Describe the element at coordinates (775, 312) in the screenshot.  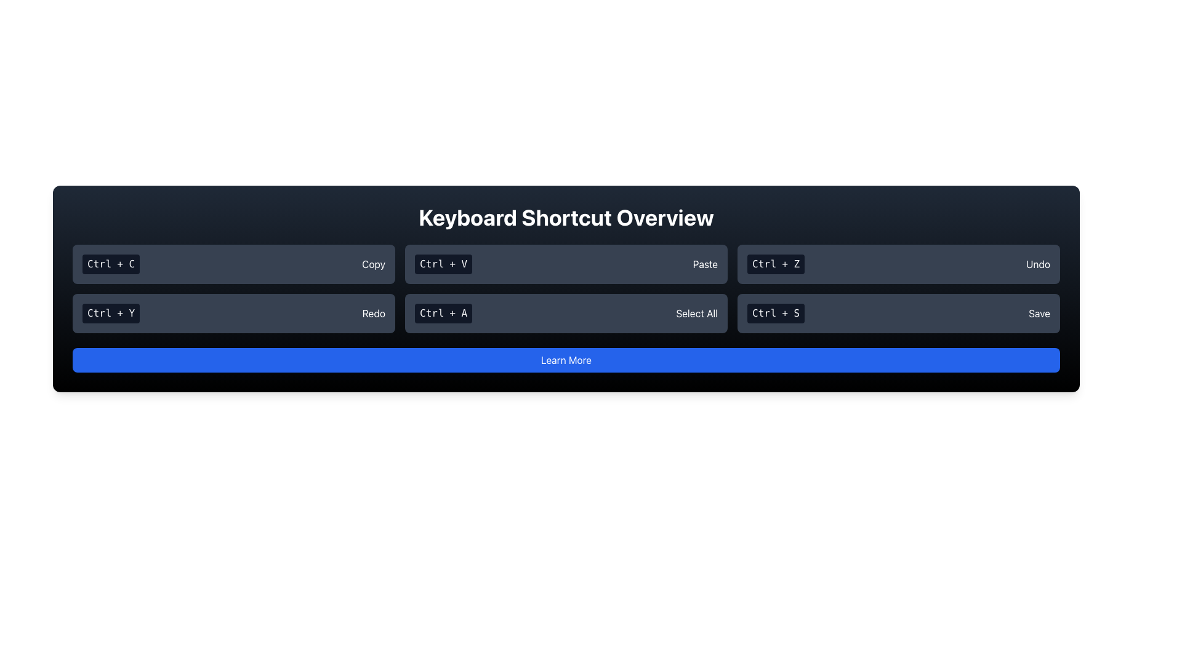
I see `the text display element that shows 'Ctrl + S' in a monospace font style with a dark gray background and white text, styled with rounded corners and light padding, located at the bottom right corner of the main interface` at that location.